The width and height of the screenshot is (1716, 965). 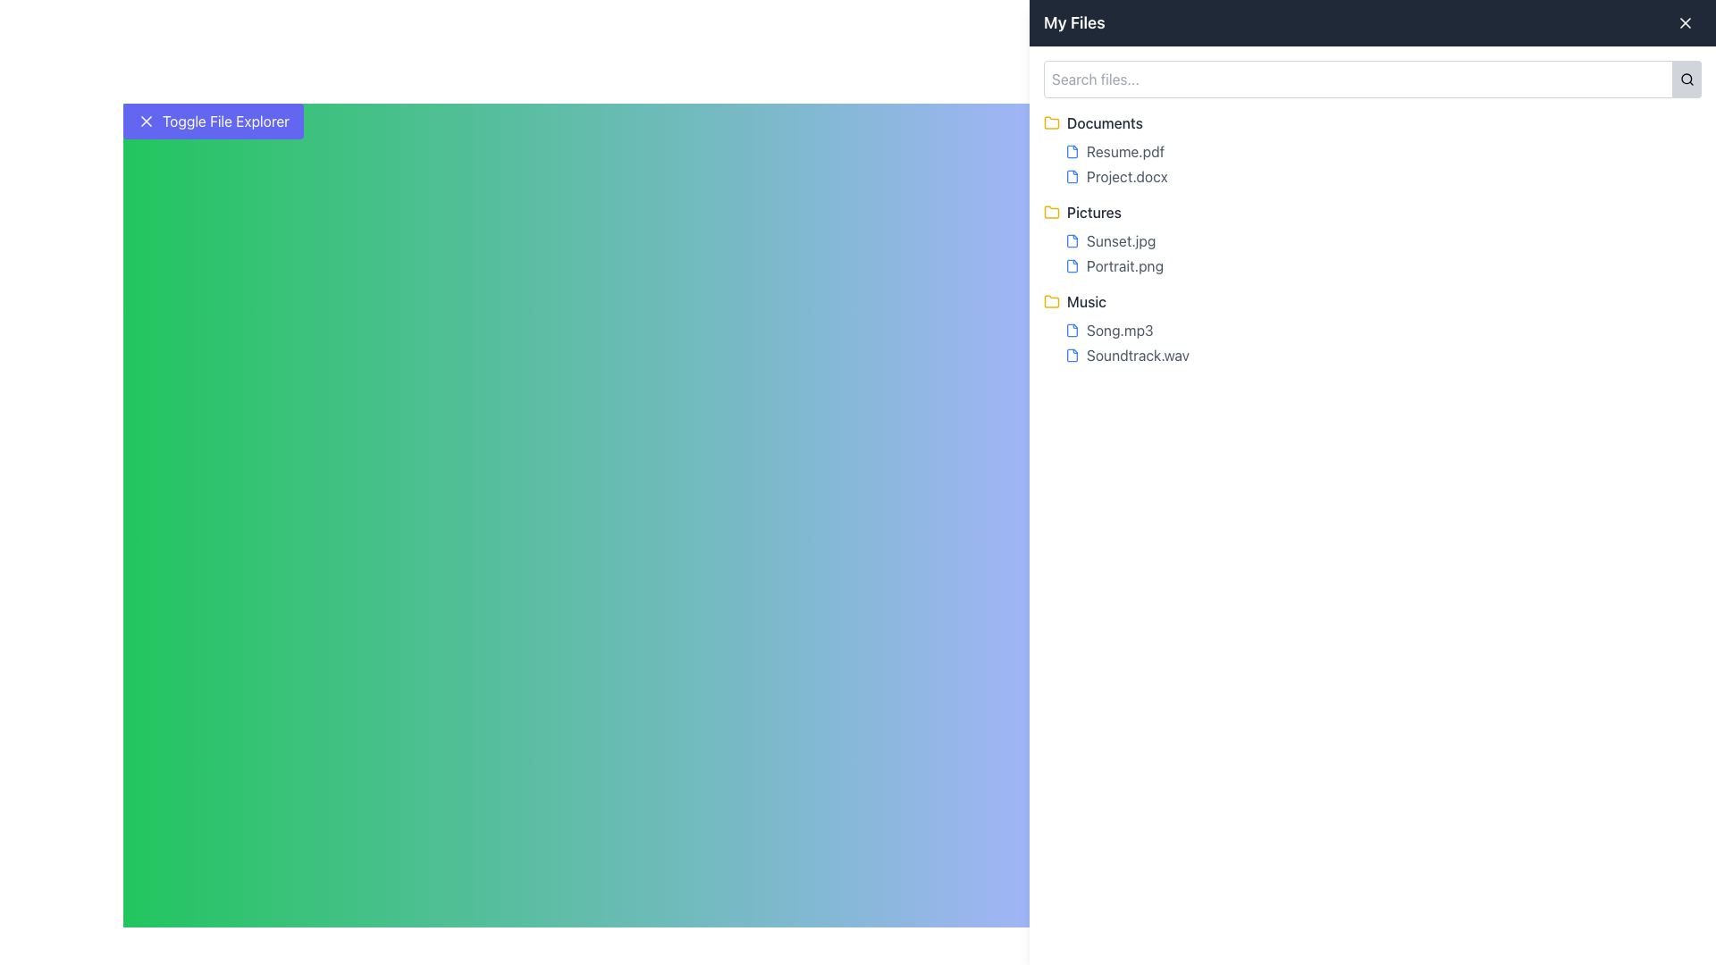 What do you see at coordinates (146, 121) in the screenshot?
I see `the close icon resembling a cross (X) shape located within the 'Toggle File Explorer' button` at bounding box center [146, 121].